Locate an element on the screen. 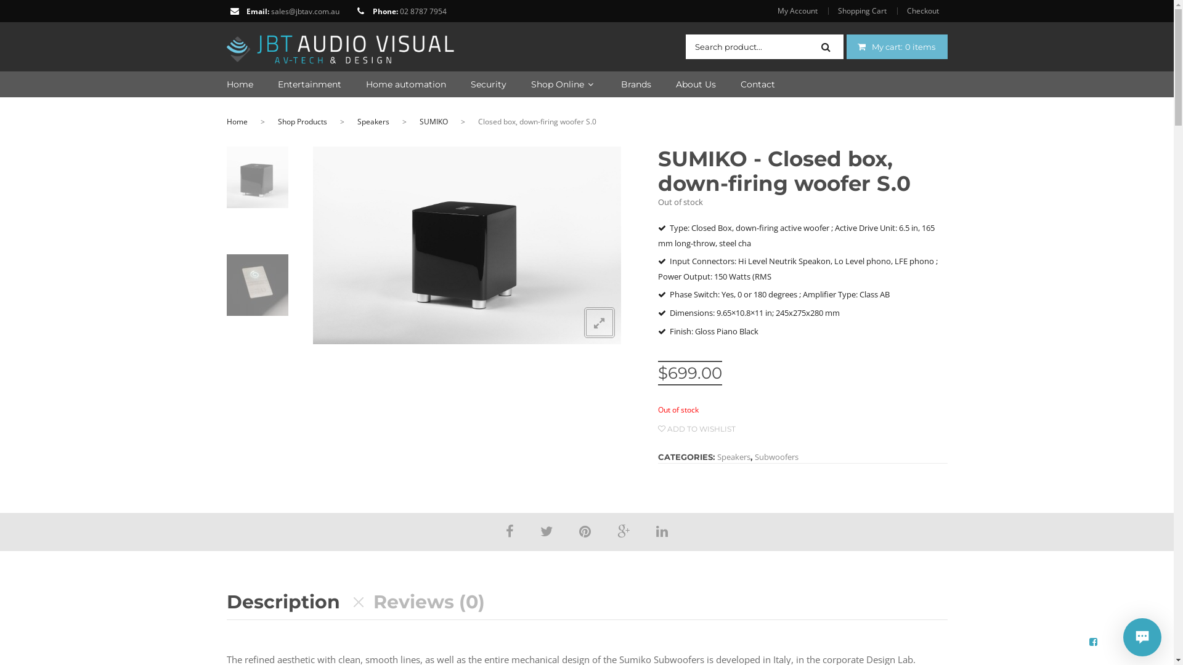  'Shop Products' is located at coordinates (301, 121).